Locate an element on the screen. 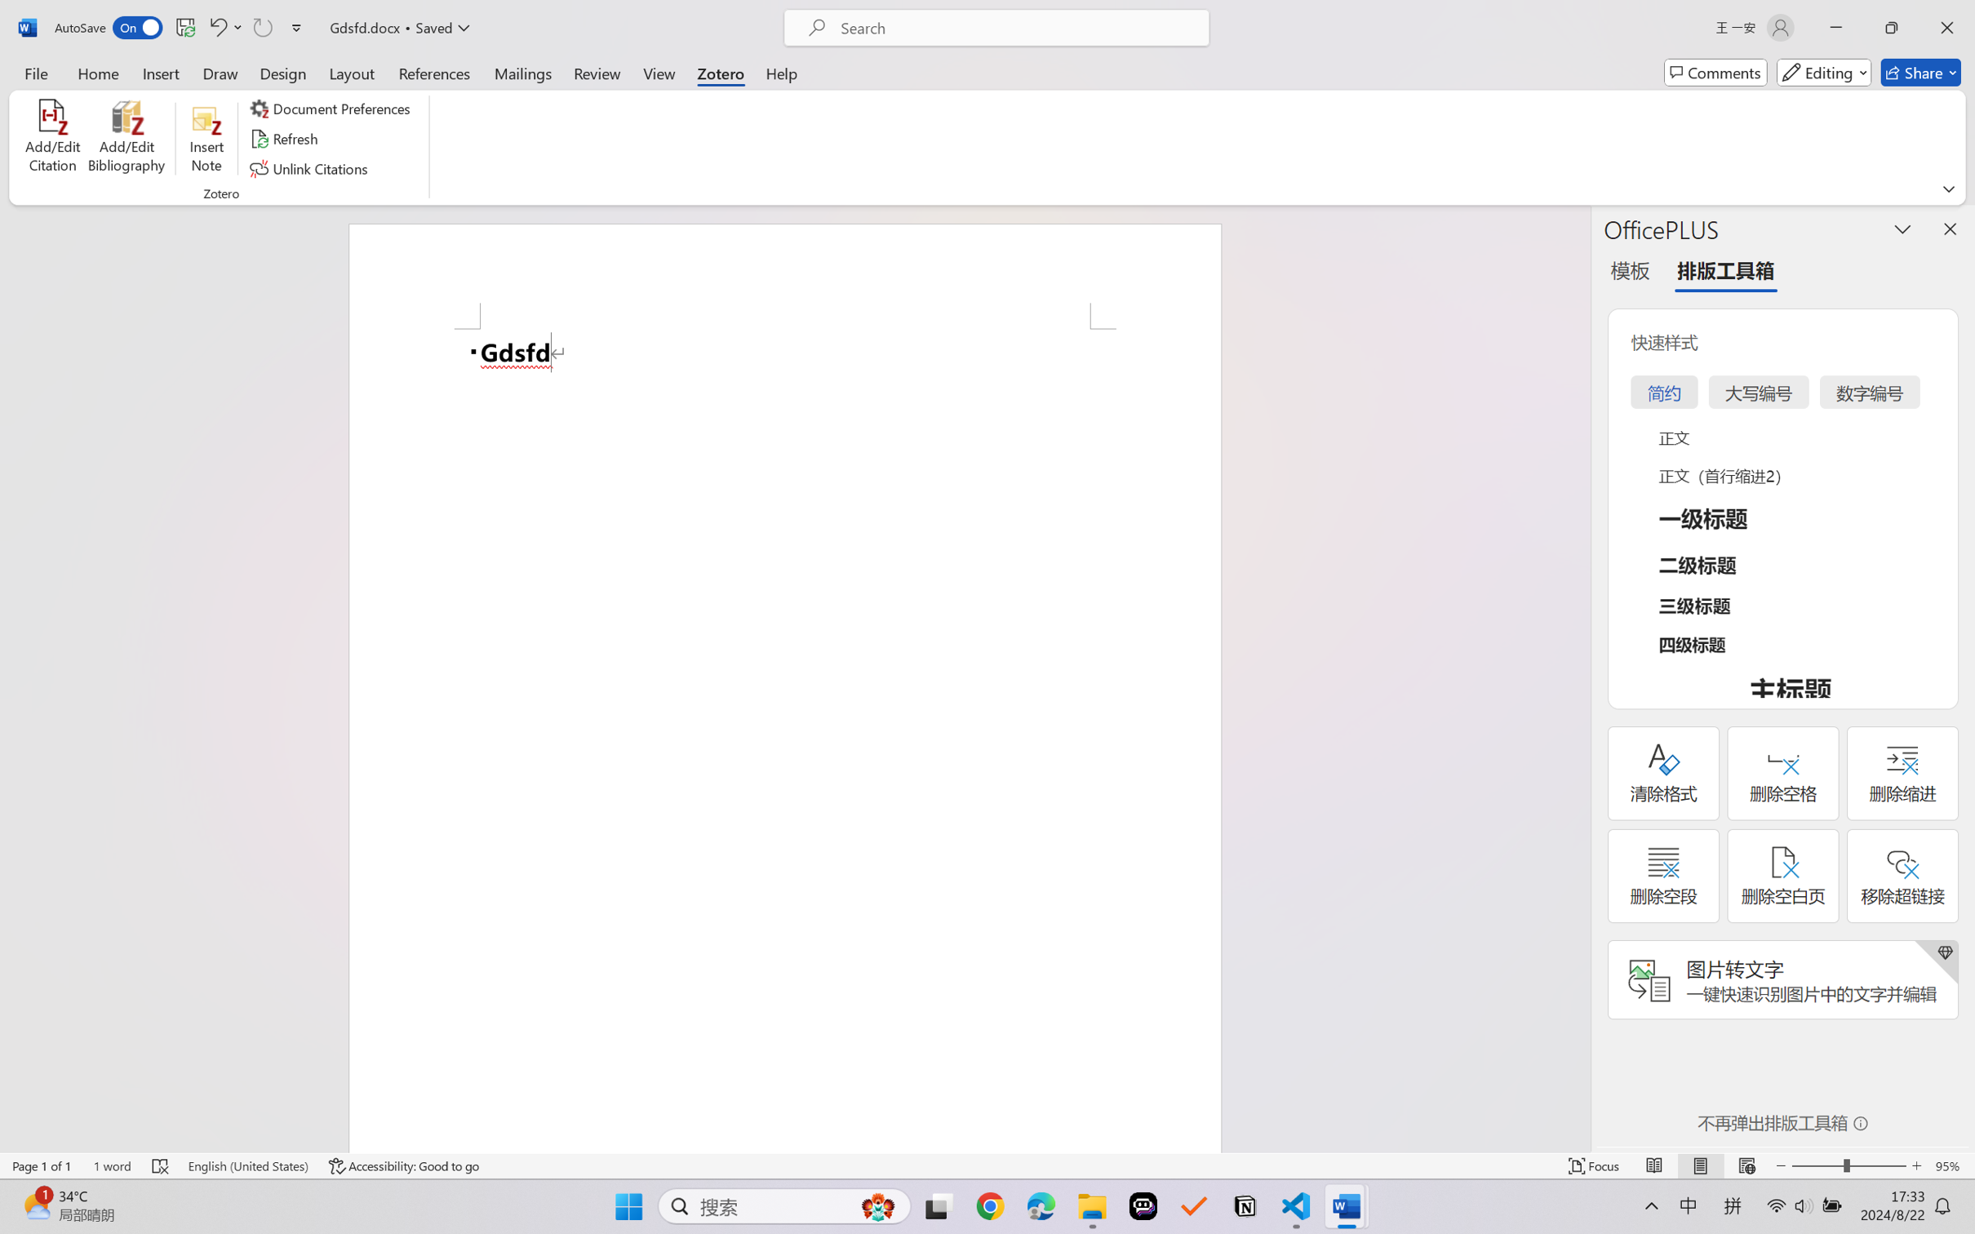 This screenshot has width=1975, height=1234. 'Insert Note' is located at coordinates (206, 139).